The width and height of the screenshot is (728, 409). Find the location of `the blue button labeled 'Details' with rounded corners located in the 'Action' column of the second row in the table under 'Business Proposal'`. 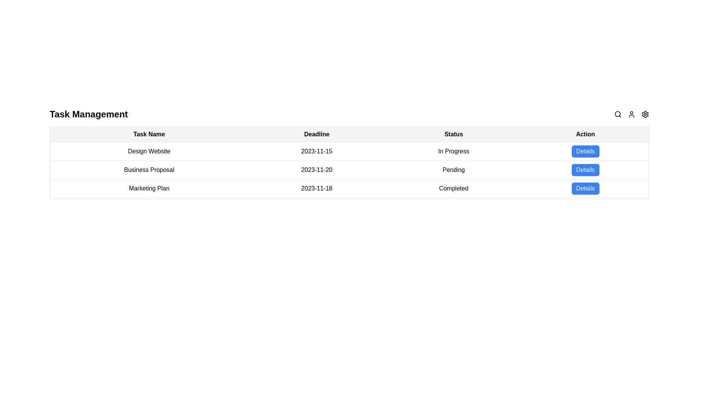

the blue button labeled 'Details' with rounded corners located in the 'Action' column of the second row in the table under 'Business Proposal' is located at coordinates (585, 169).